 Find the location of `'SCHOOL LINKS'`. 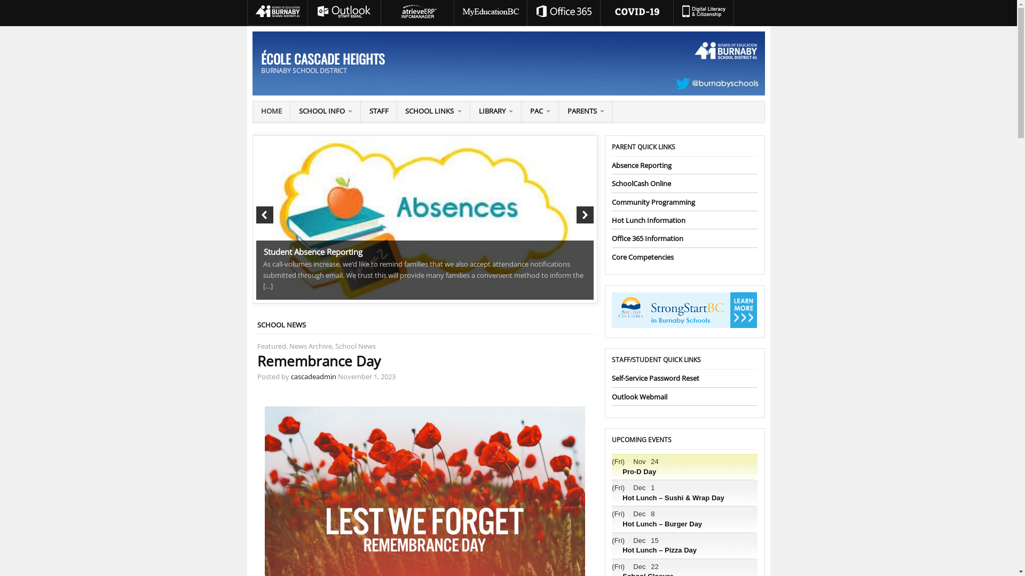

'SCHOOL LINKS' is located at coordinates (433, 111).